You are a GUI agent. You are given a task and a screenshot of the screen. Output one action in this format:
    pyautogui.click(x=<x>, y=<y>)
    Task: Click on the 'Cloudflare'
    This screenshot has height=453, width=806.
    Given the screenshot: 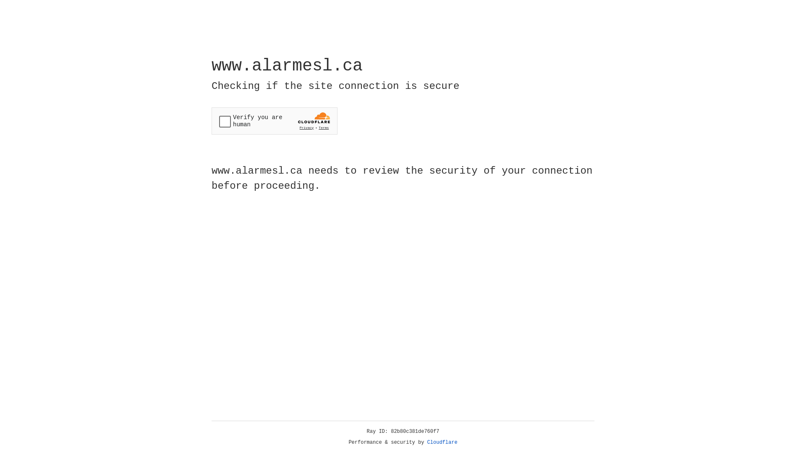 What is the action you would take?
    pyautogui.click(x=427, y=442)
    